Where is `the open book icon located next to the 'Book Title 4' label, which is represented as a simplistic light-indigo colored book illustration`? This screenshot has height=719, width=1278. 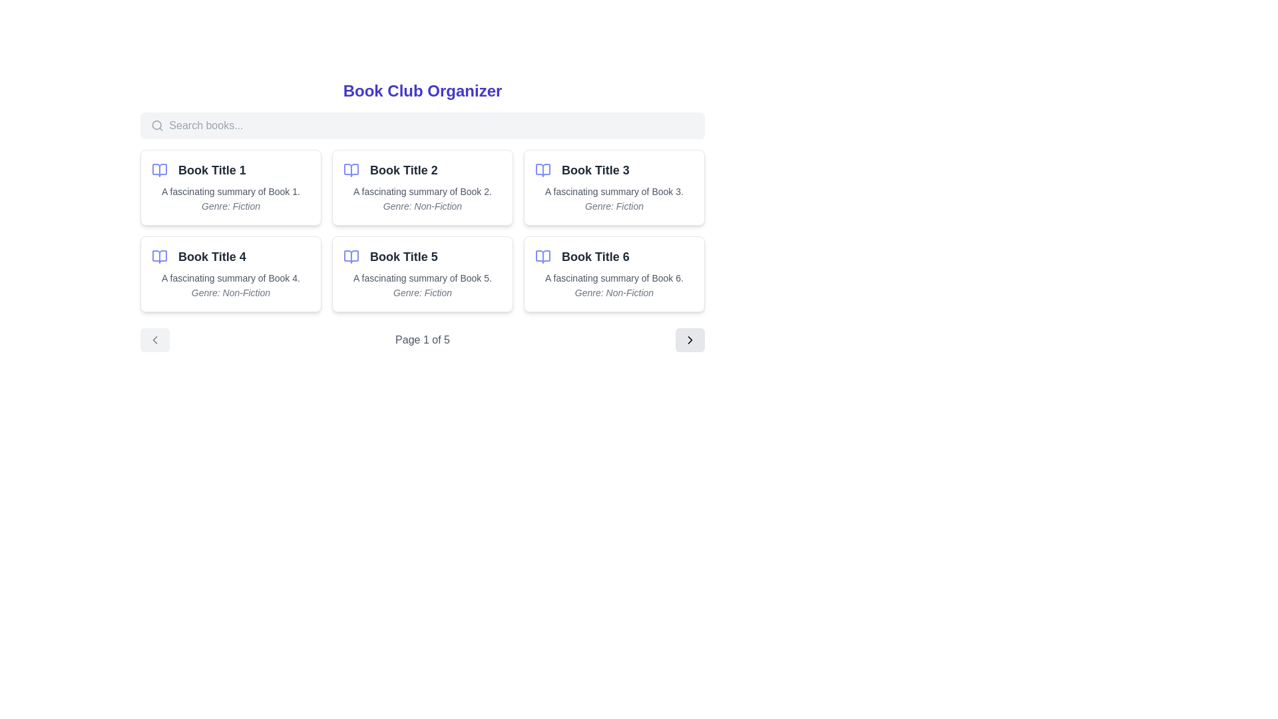 the open book icon located next to the 'Book Title 4' label, which is represented as a simplistic light-indigo colored book illustration is located at coordinates (160, 256).